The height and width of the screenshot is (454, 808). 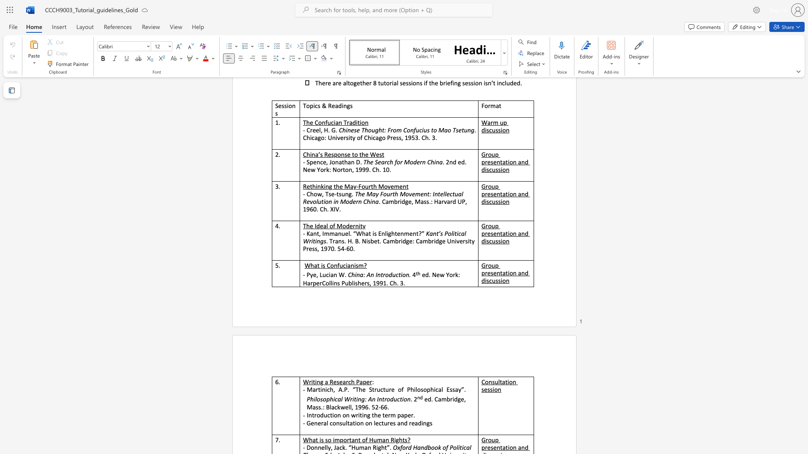 I want to click on the subset text "m pa" within the text "Introduction on writing the term paper.", so click(x=390, y=414).